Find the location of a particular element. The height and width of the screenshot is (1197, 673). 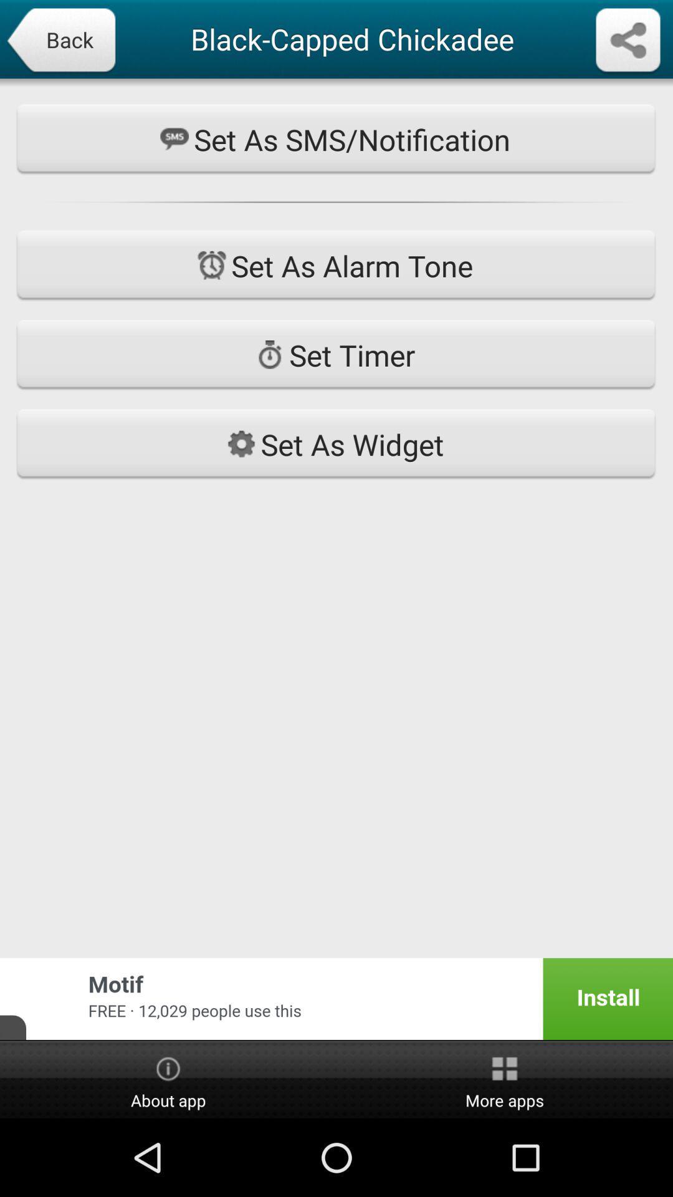

the item at the bottom left corner is located at coordinates (168, 1080).